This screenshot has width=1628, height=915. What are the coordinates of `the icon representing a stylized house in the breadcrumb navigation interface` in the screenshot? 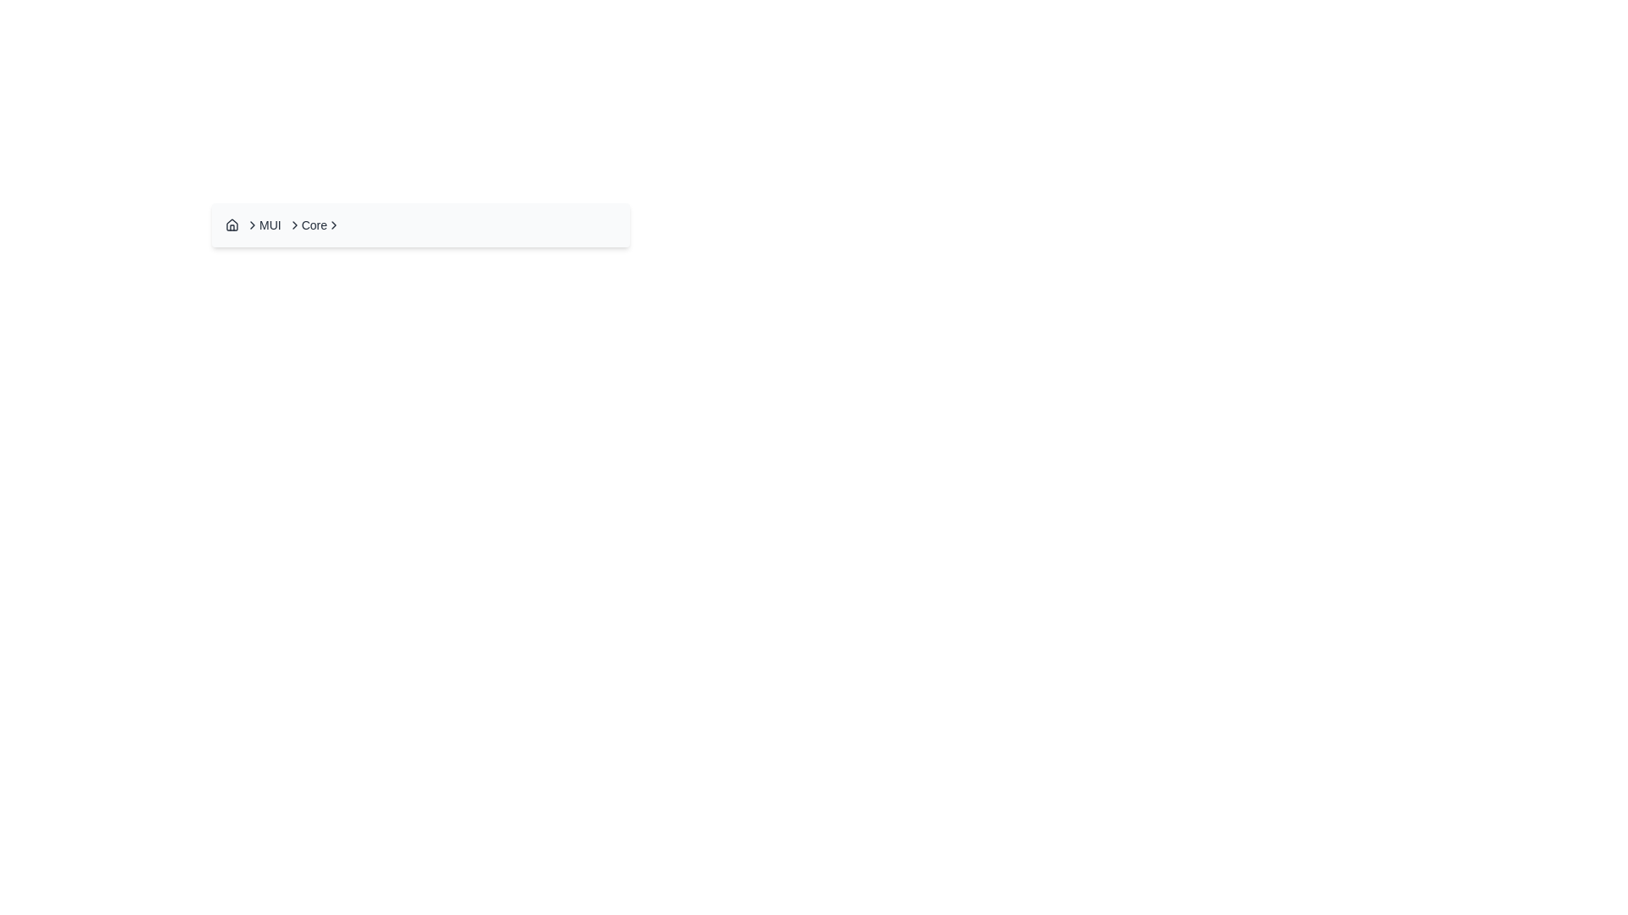 It's located at (231, 225).